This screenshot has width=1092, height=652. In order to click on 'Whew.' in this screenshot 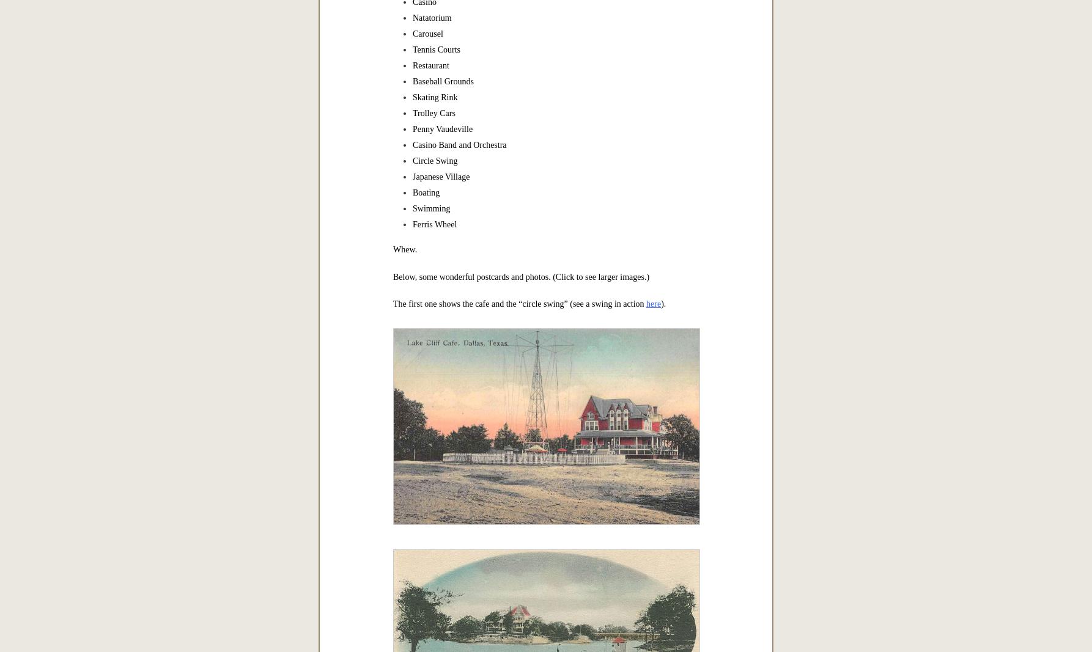, I will do `click(405, 248)`.